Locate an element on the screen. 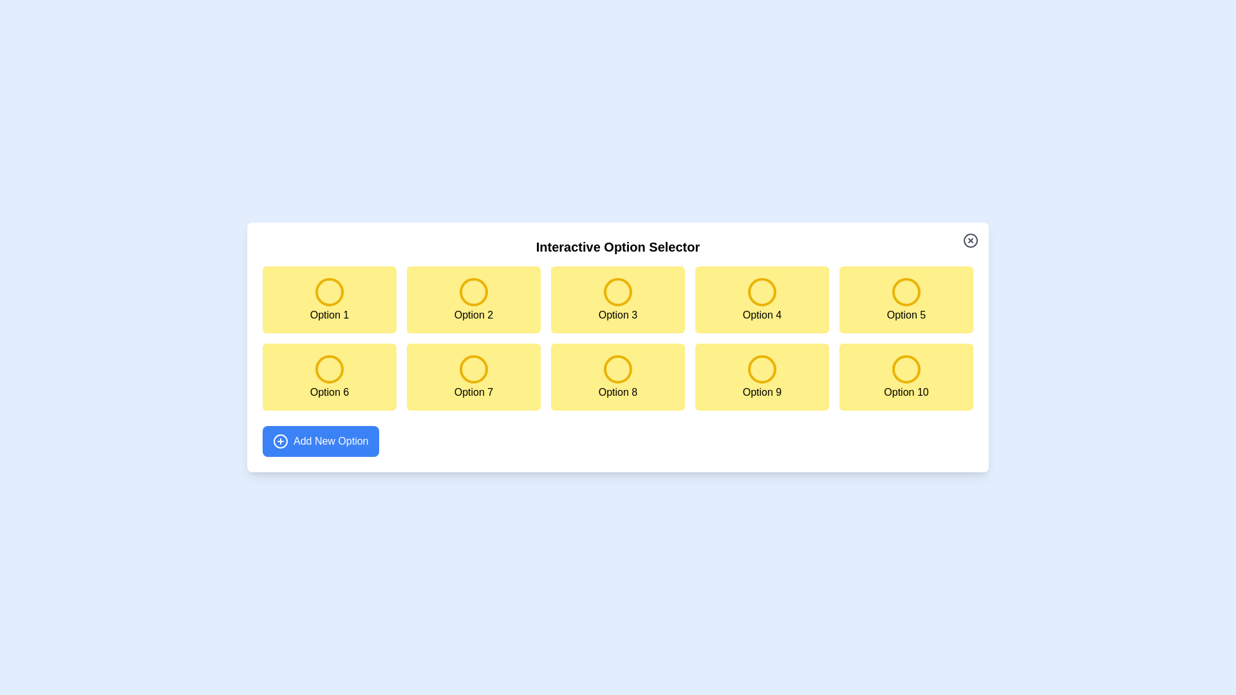  the title 'Interactive Option Selector' is located at coordinates (618, 247).